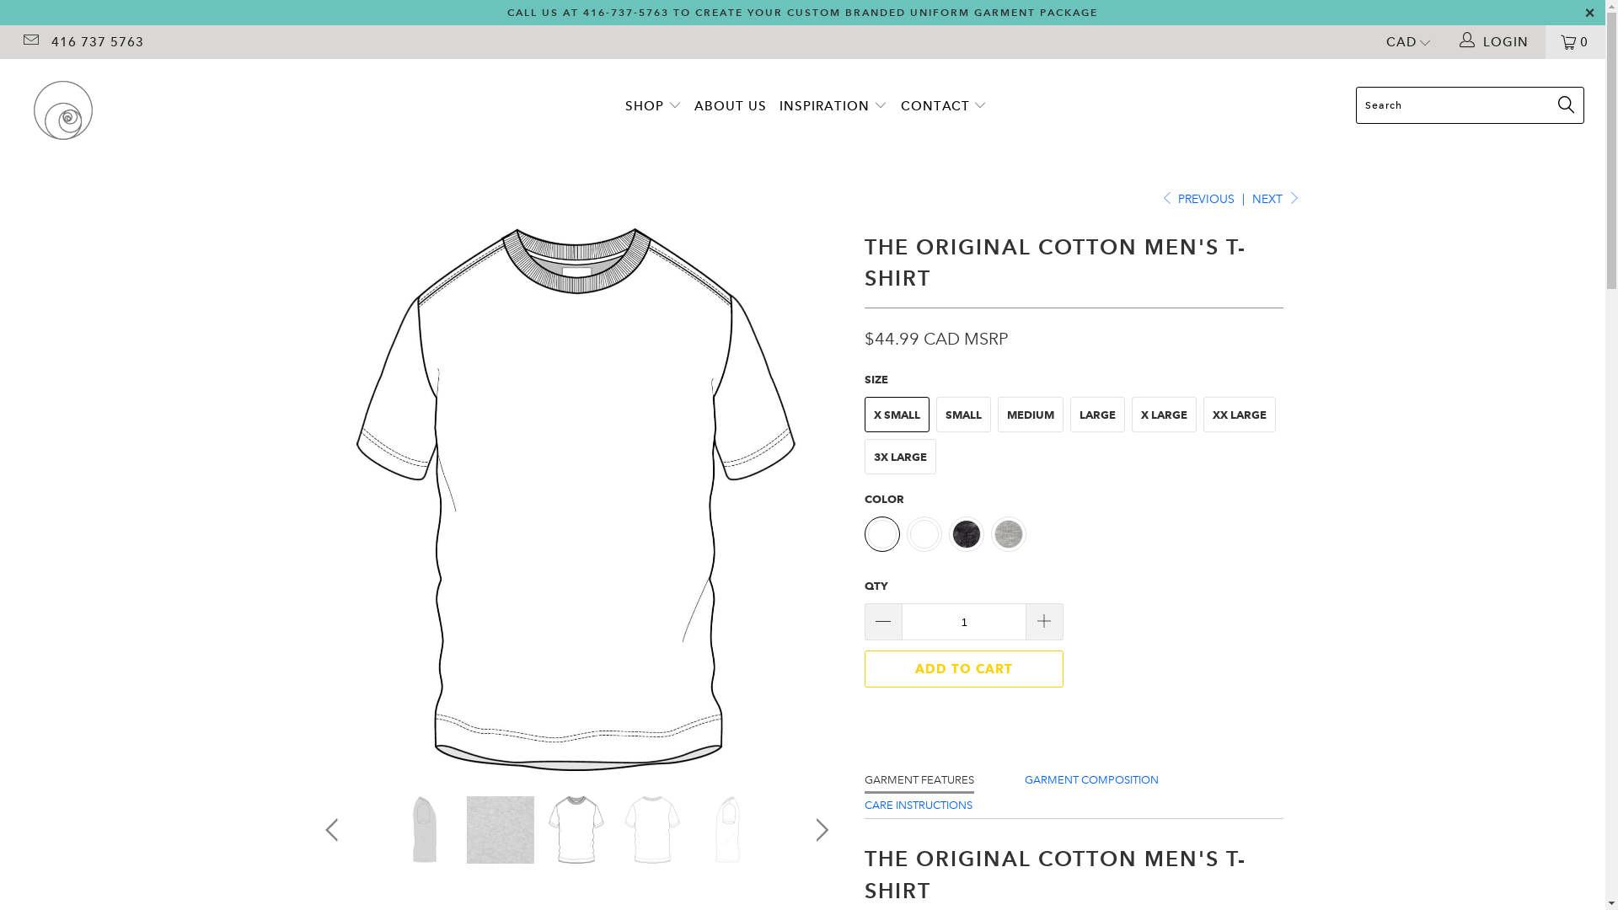 The image size is (1618, 910). What do you see at coordinates (29, 41) in the screenshot?
I see `'Email APIUM APPAREL'` at bounding box center [29, 41].